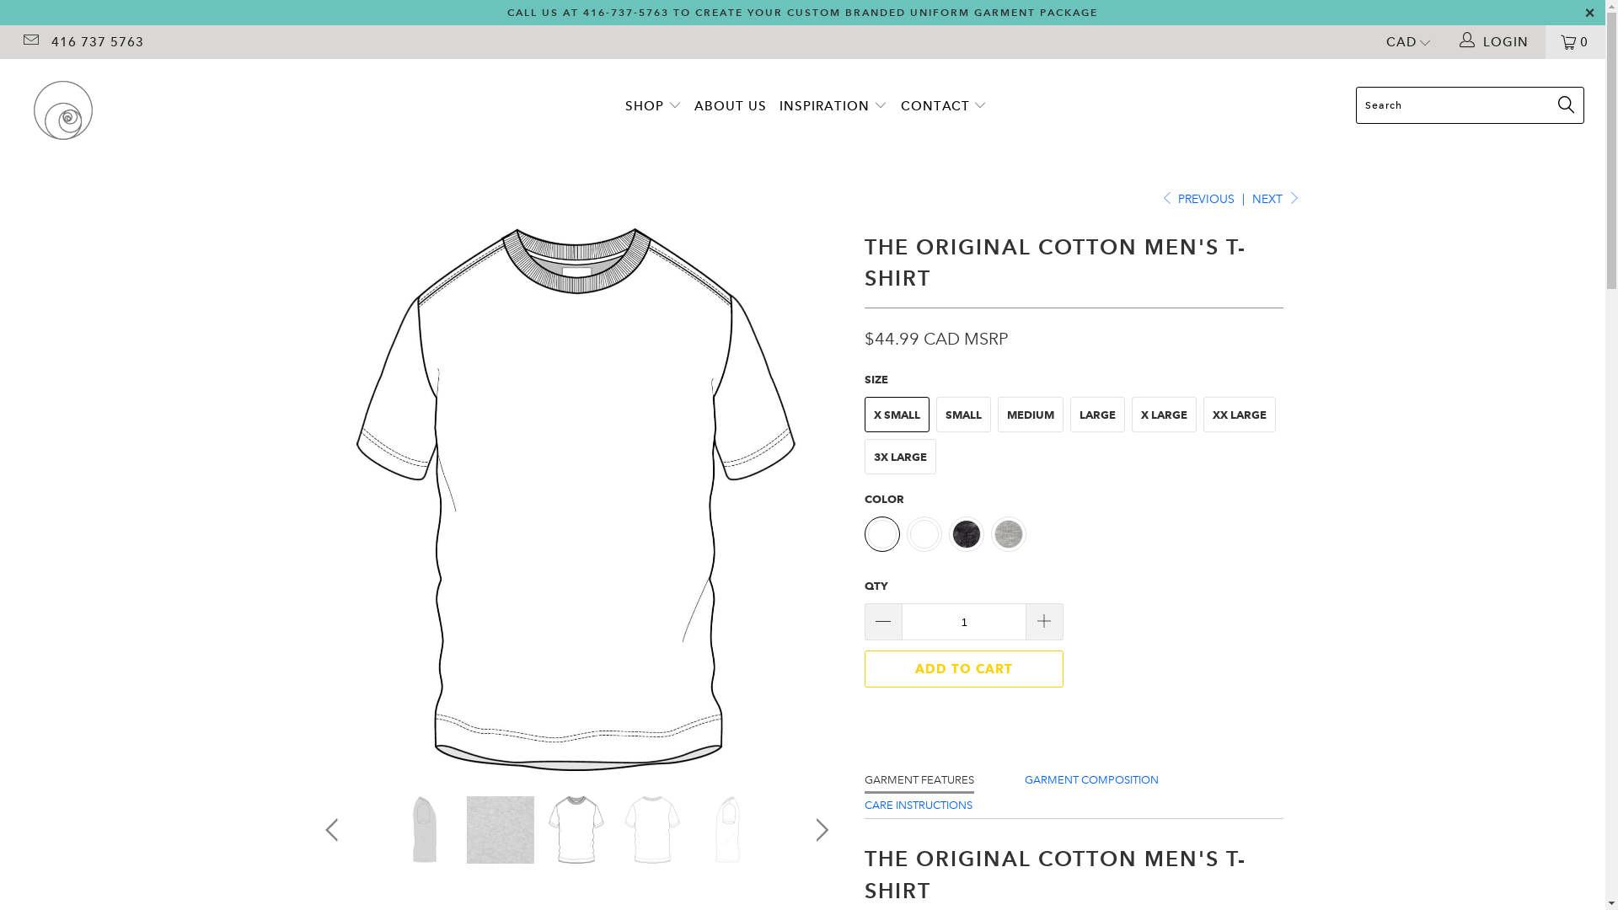 The image size is (1618, 910). What do you see at coordinates (29, 41) in the screenshot?
I see `'Email APIUM APPAREL'` at bounding box center [29, 41].